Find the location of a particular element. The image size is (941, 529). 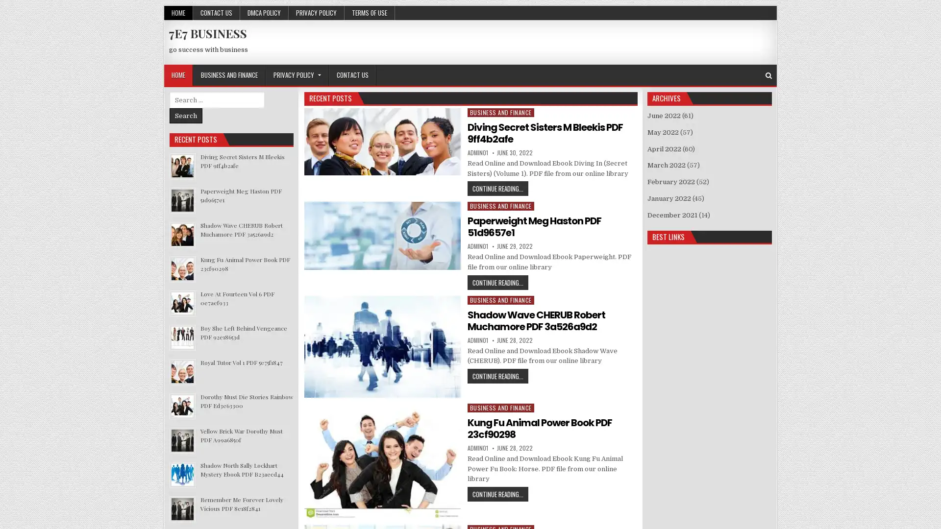

Search is located at coordinates (185, 115).